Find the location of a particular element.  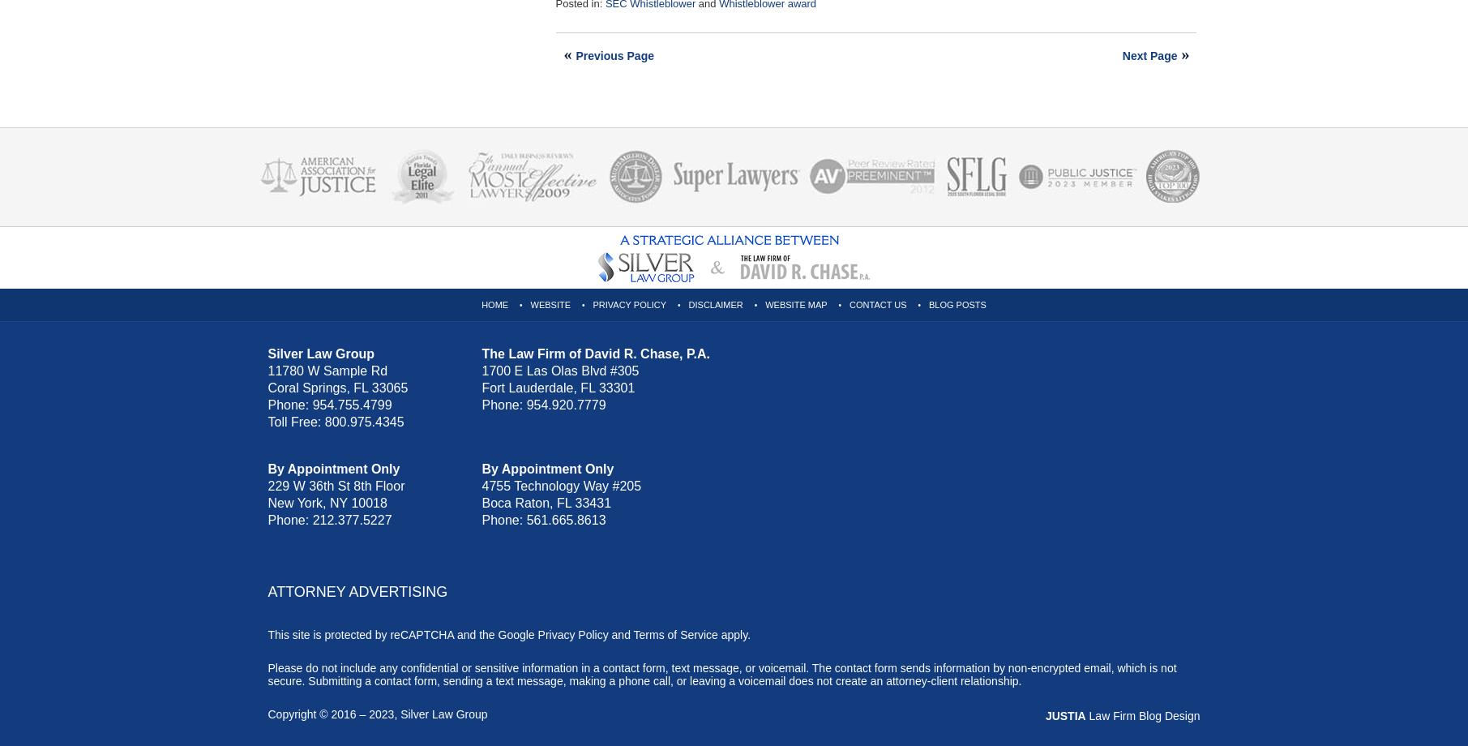

'Blog Posts' is located at coordinates (956, 304).